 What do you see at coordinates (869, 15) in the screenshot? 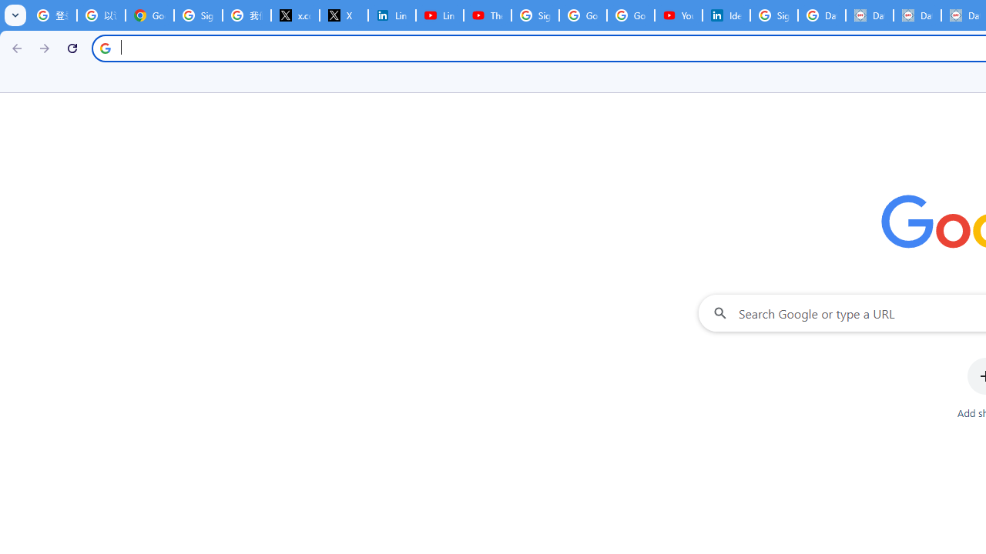
I see `'Data Privacy Framework'` at bounding box center [869, 15].